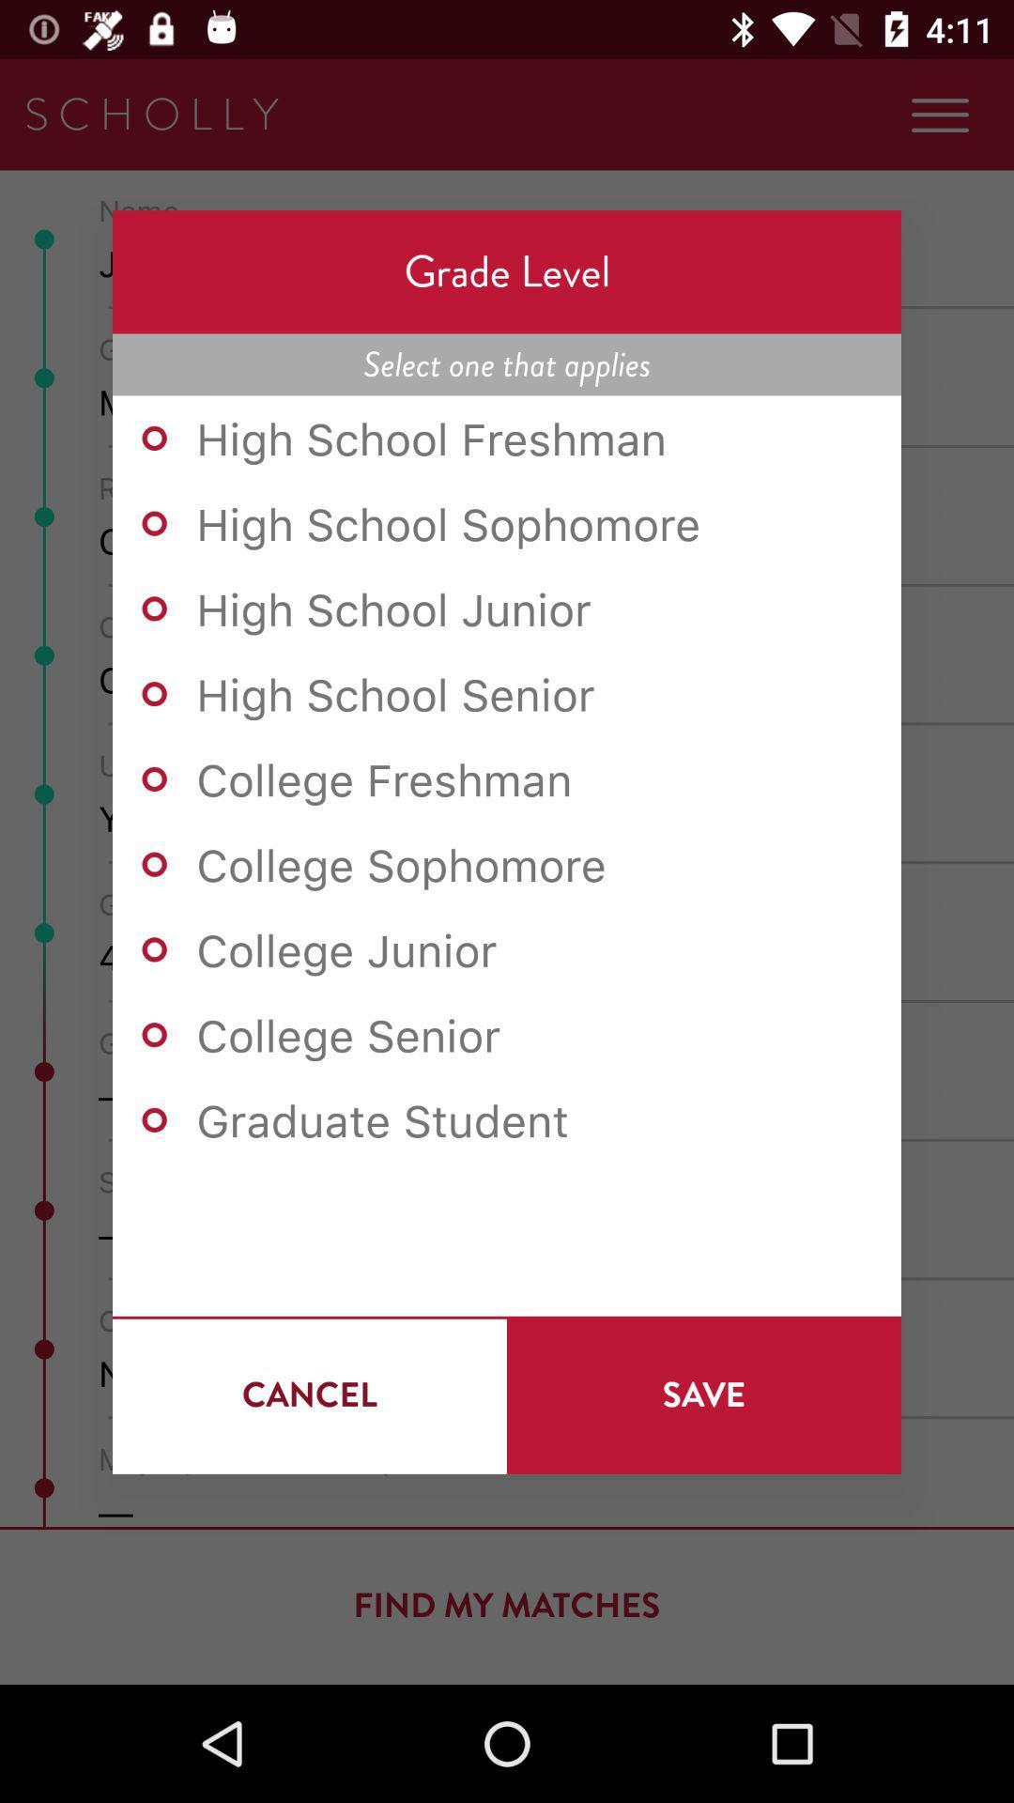 The image size is (1014, 1803). What do you see at coordinates (309, 1395) in the screenshot?
I see `icon at the bottom left corner` at bounding box center [309, 1395].